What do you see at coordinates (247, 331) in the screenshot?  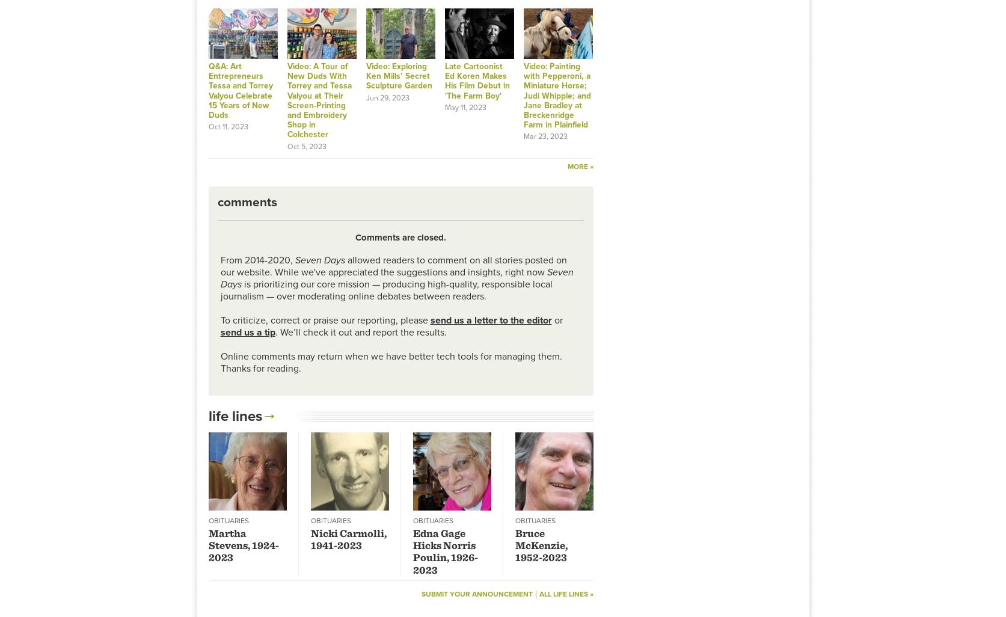 I see `'send us a tip'` at bounding box center [247, 331].